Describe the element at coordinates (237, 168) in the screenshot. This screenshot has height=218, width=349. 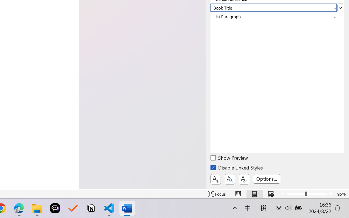
I see `'Disable Linked Styles'` at that location.